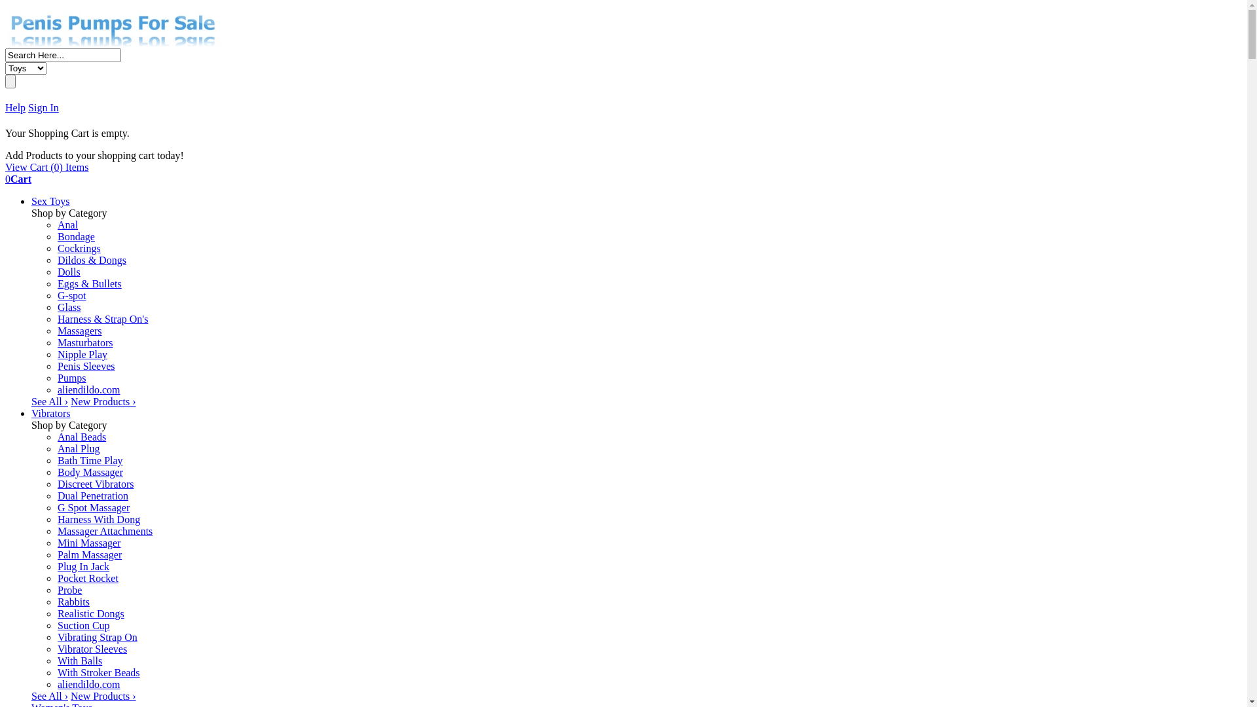 This screenshot has height=707, width=1257. What do you see at coordinates (89, 554) in the screenshot?
I see `'Palm Massager'` at bounding box center [89, 554].